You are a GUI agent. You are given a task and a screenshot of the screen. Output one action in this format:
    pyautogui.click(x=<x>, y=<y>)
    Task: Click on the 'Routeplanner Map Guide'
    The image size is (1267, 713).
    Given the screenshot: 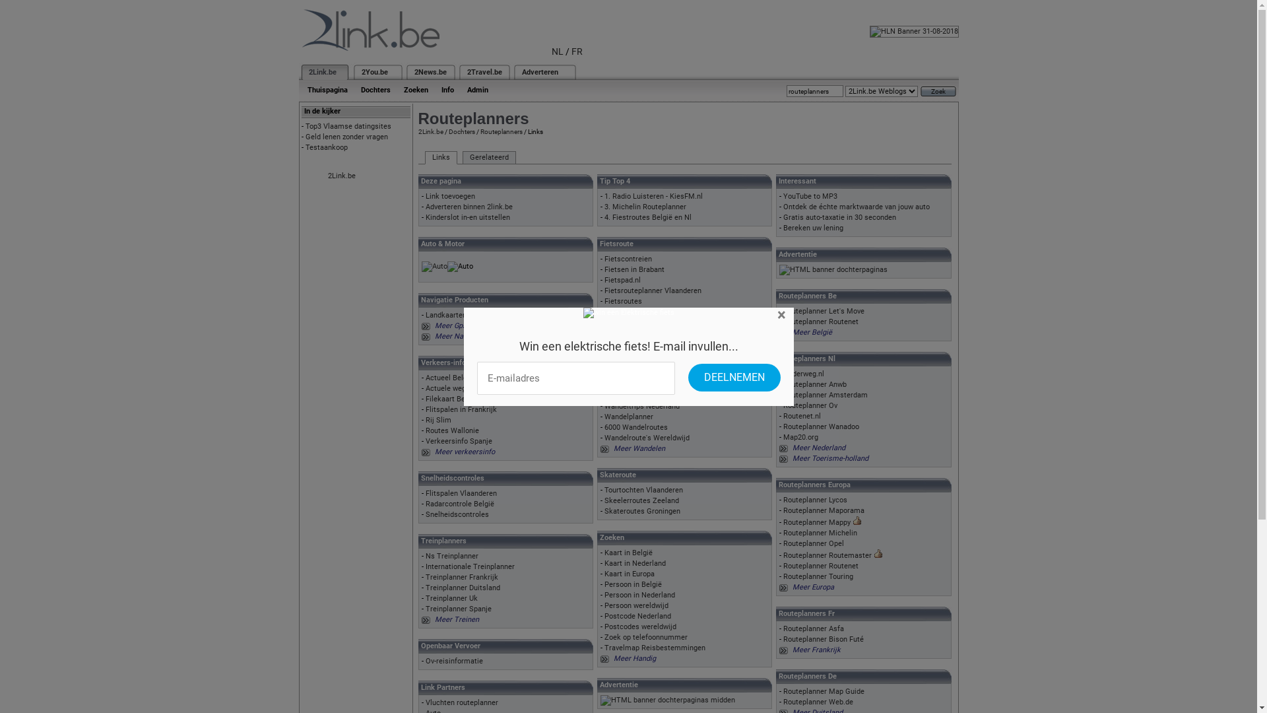 What is the action you would take?
    pyautogui.click(x=823, y=691)
    